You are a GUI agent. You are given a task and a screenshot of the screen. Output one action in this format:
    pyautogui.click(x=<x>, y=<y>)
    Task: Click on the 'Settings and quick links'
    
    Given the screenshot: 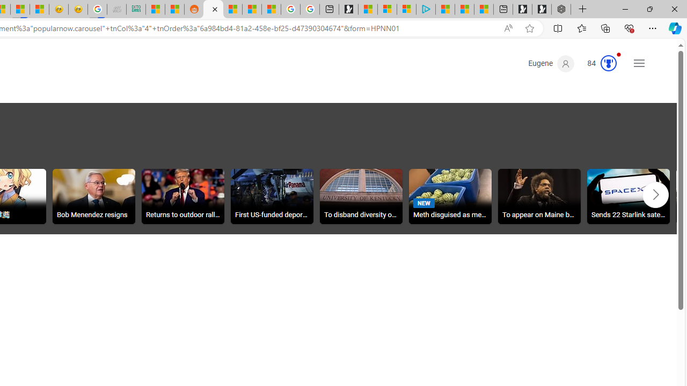 What is the action you would take?
    pyautogui.click(x=639, y=63)
    